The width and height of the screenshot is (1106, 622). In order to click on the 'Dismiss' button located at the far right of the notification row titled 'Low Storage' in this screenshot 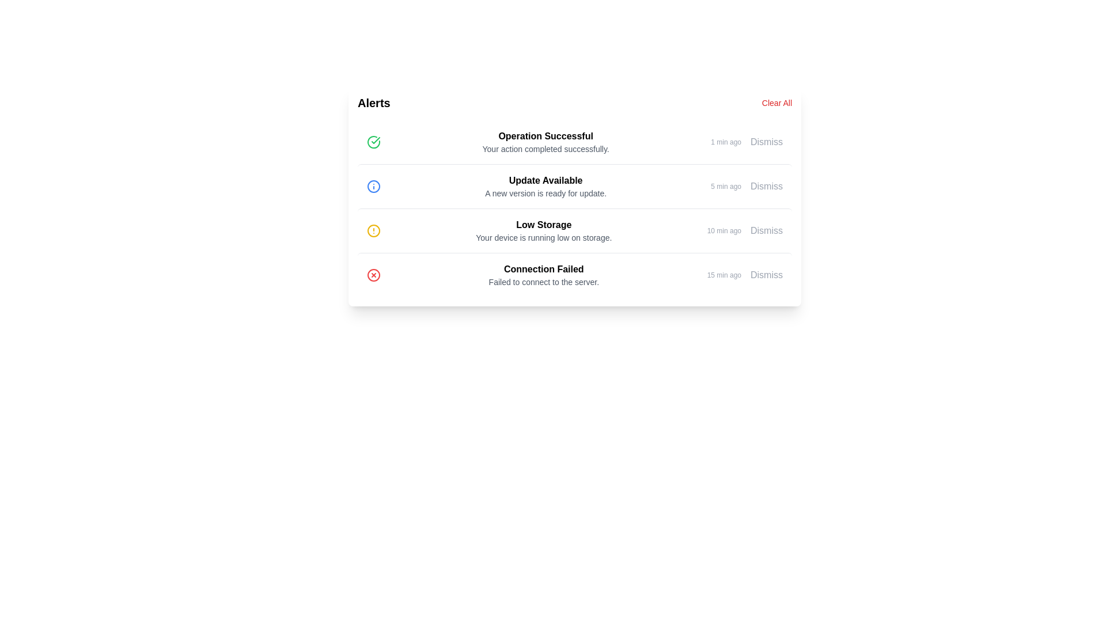, I will do `click(766, 231)`.